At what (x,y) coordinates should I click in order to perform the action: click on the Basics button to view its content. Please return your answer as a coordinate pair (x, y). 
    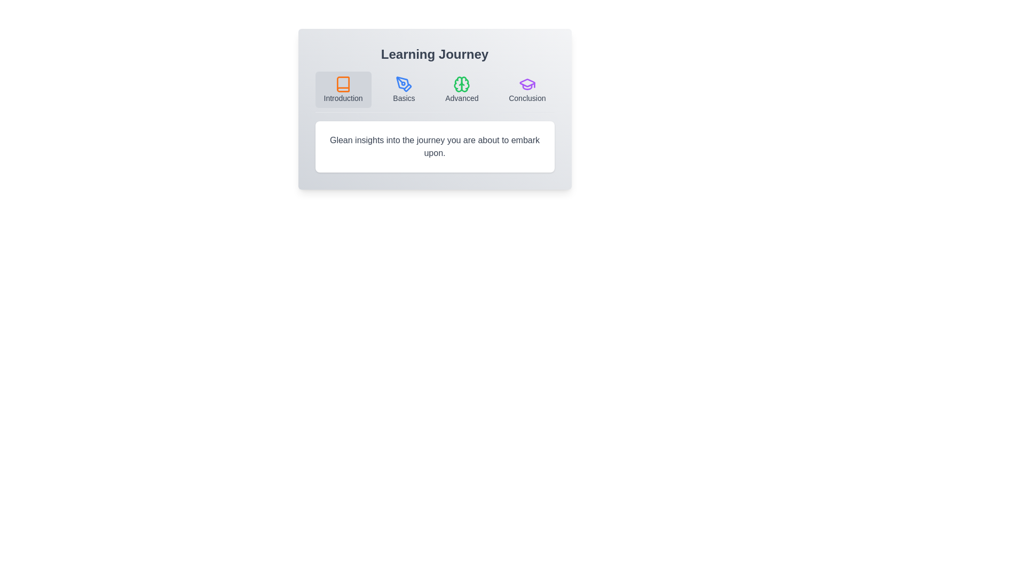
    Looking at the image, I should click on (404, 89).